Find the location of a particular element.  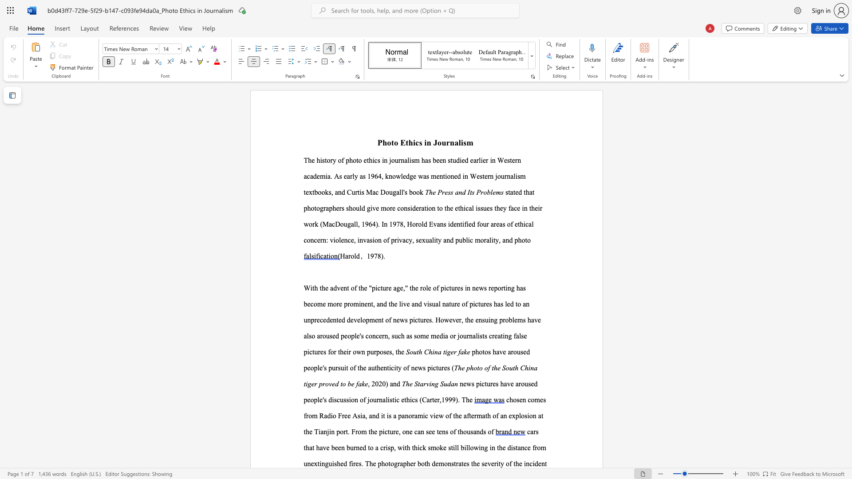

the subset text "ed people" within the text "With the advent of the" is located at coordinates (331, 336).